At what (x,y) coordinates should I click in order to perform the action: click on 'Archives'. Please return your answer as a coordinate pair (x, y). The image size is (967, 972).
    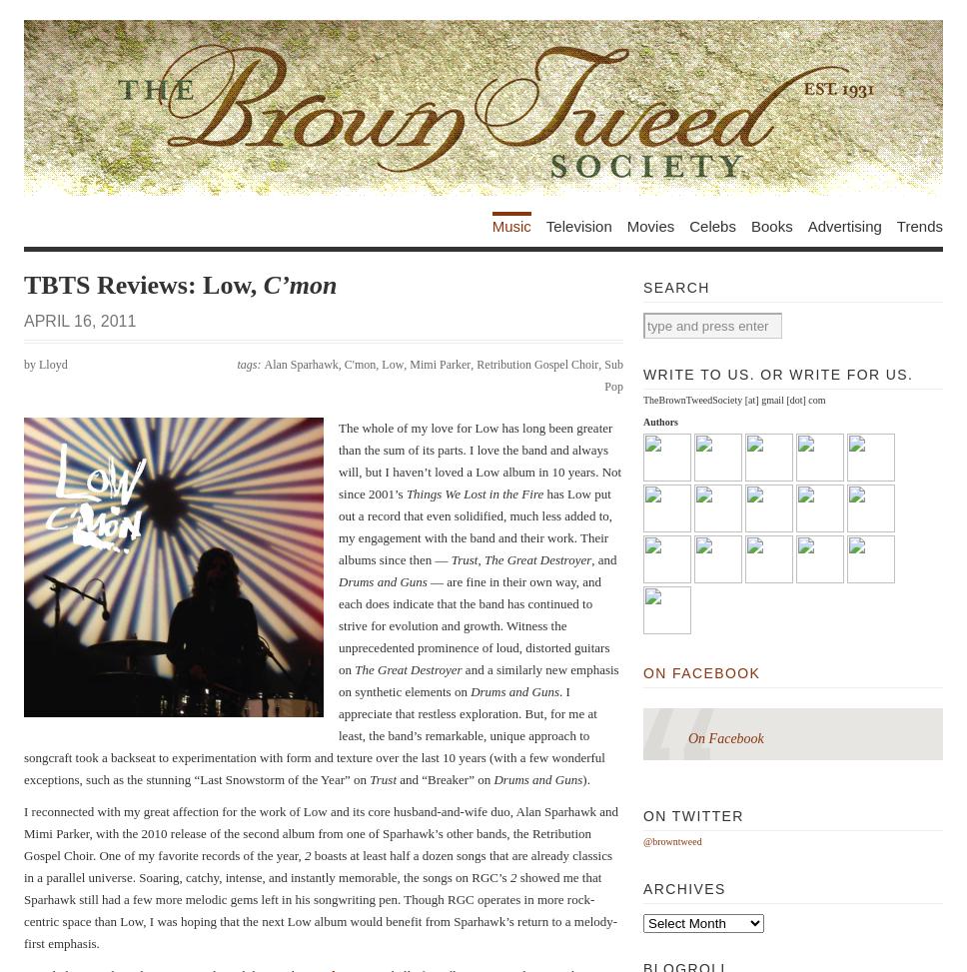
    Looking at the image, I should click on (683, 889).